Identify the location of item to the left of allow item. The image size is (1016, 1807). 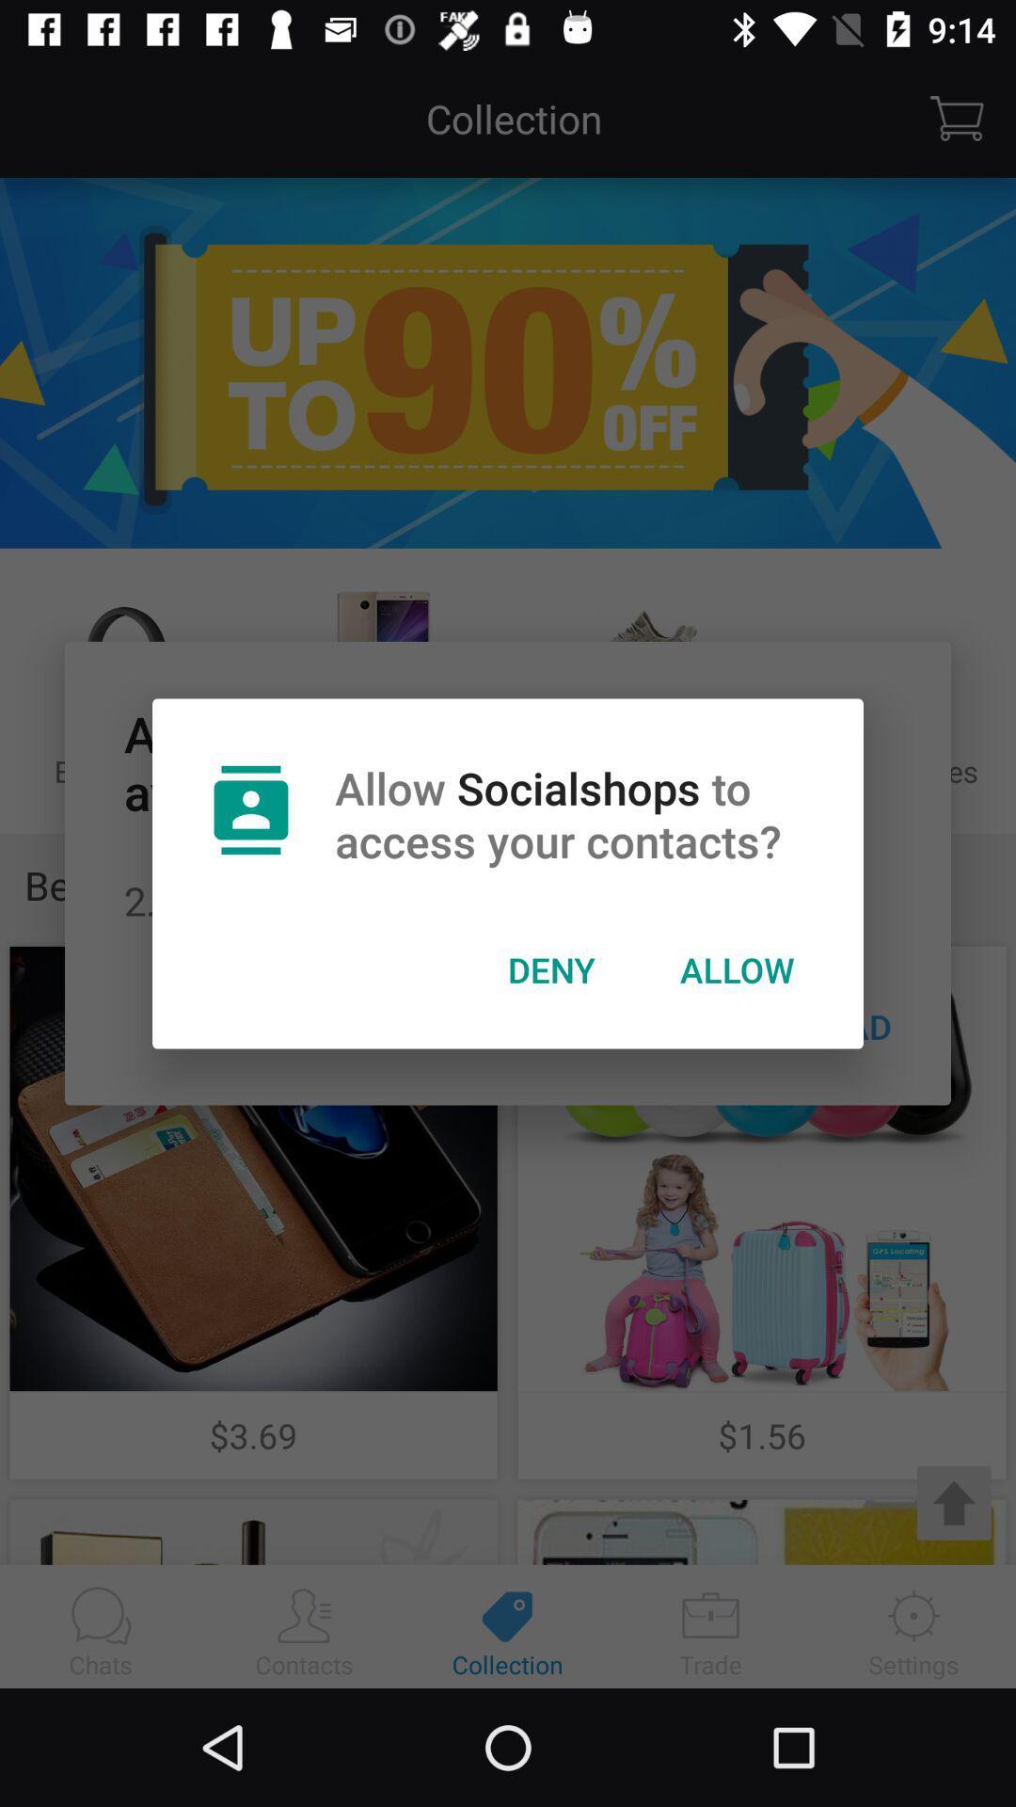
(550, 969).